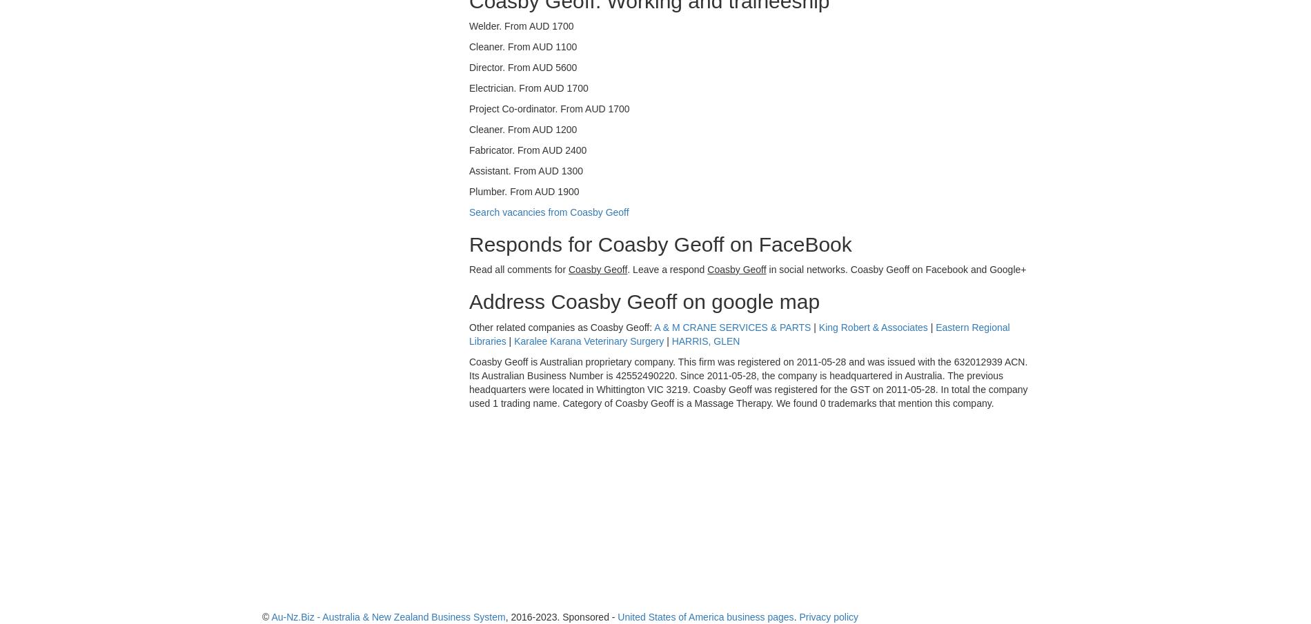  Describe the element at coordinates (872, 327) in the screenshot. I see `'King Robert & Associates'` at that location.